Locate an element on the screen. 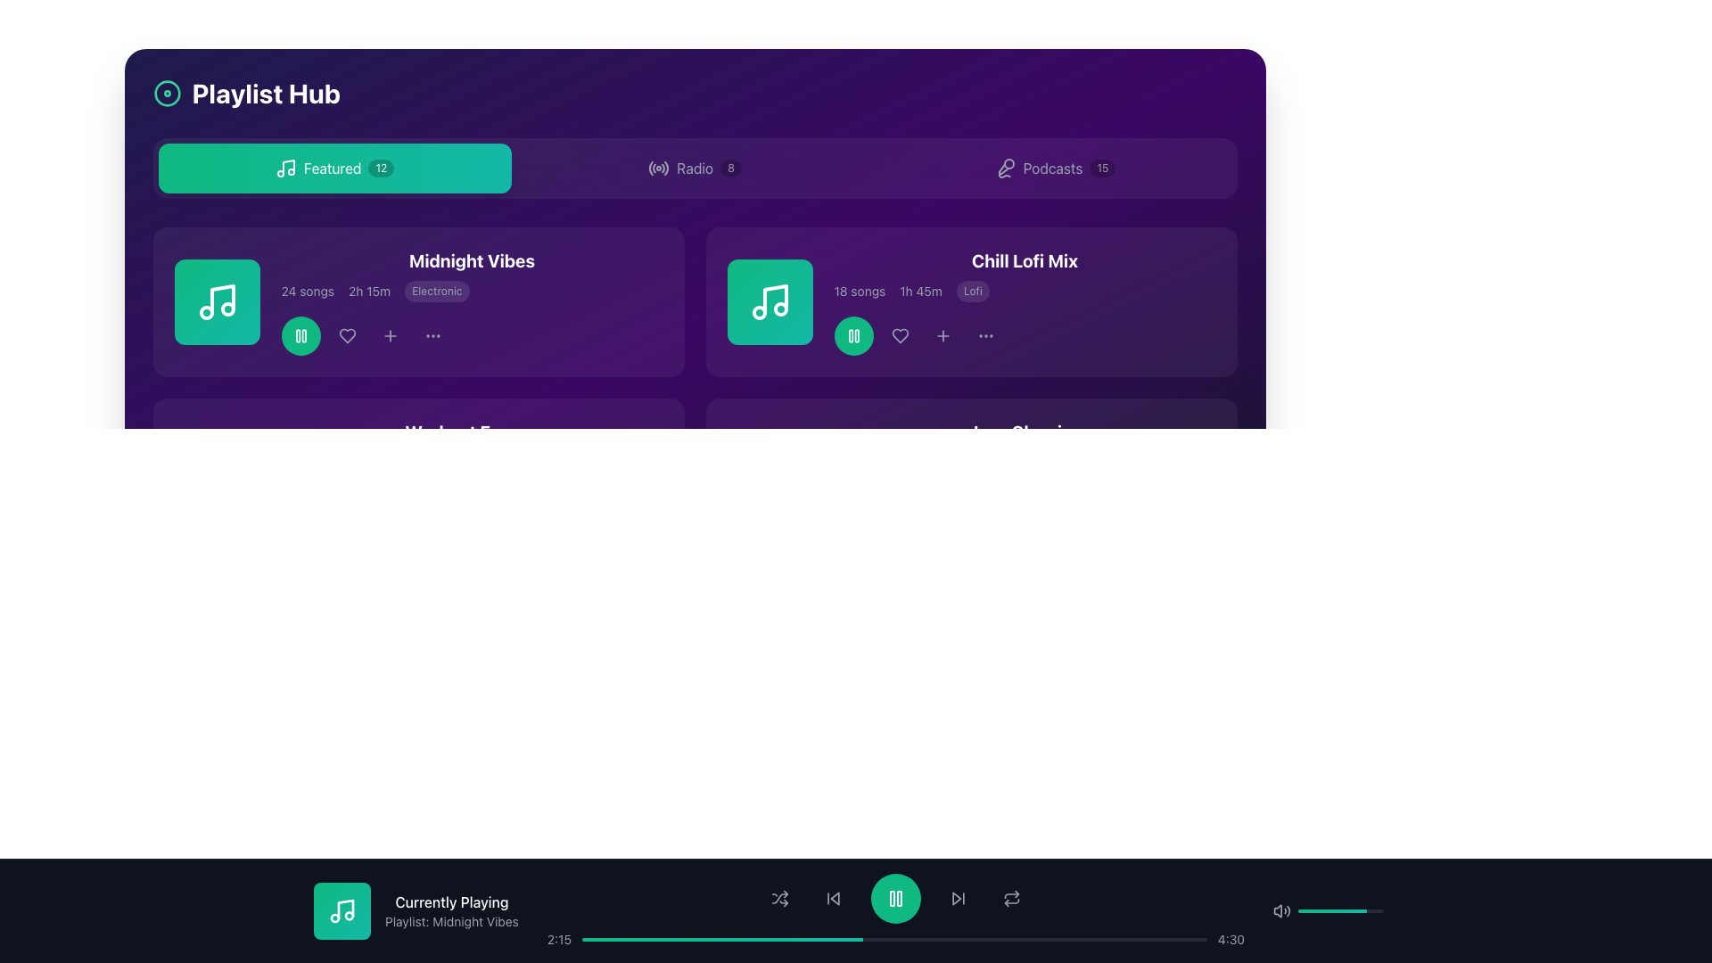 The image size is (1712, 963). the progress bar located at the bottom of the interface to seek to a specific point in playback is located at coordinates (894, 938).